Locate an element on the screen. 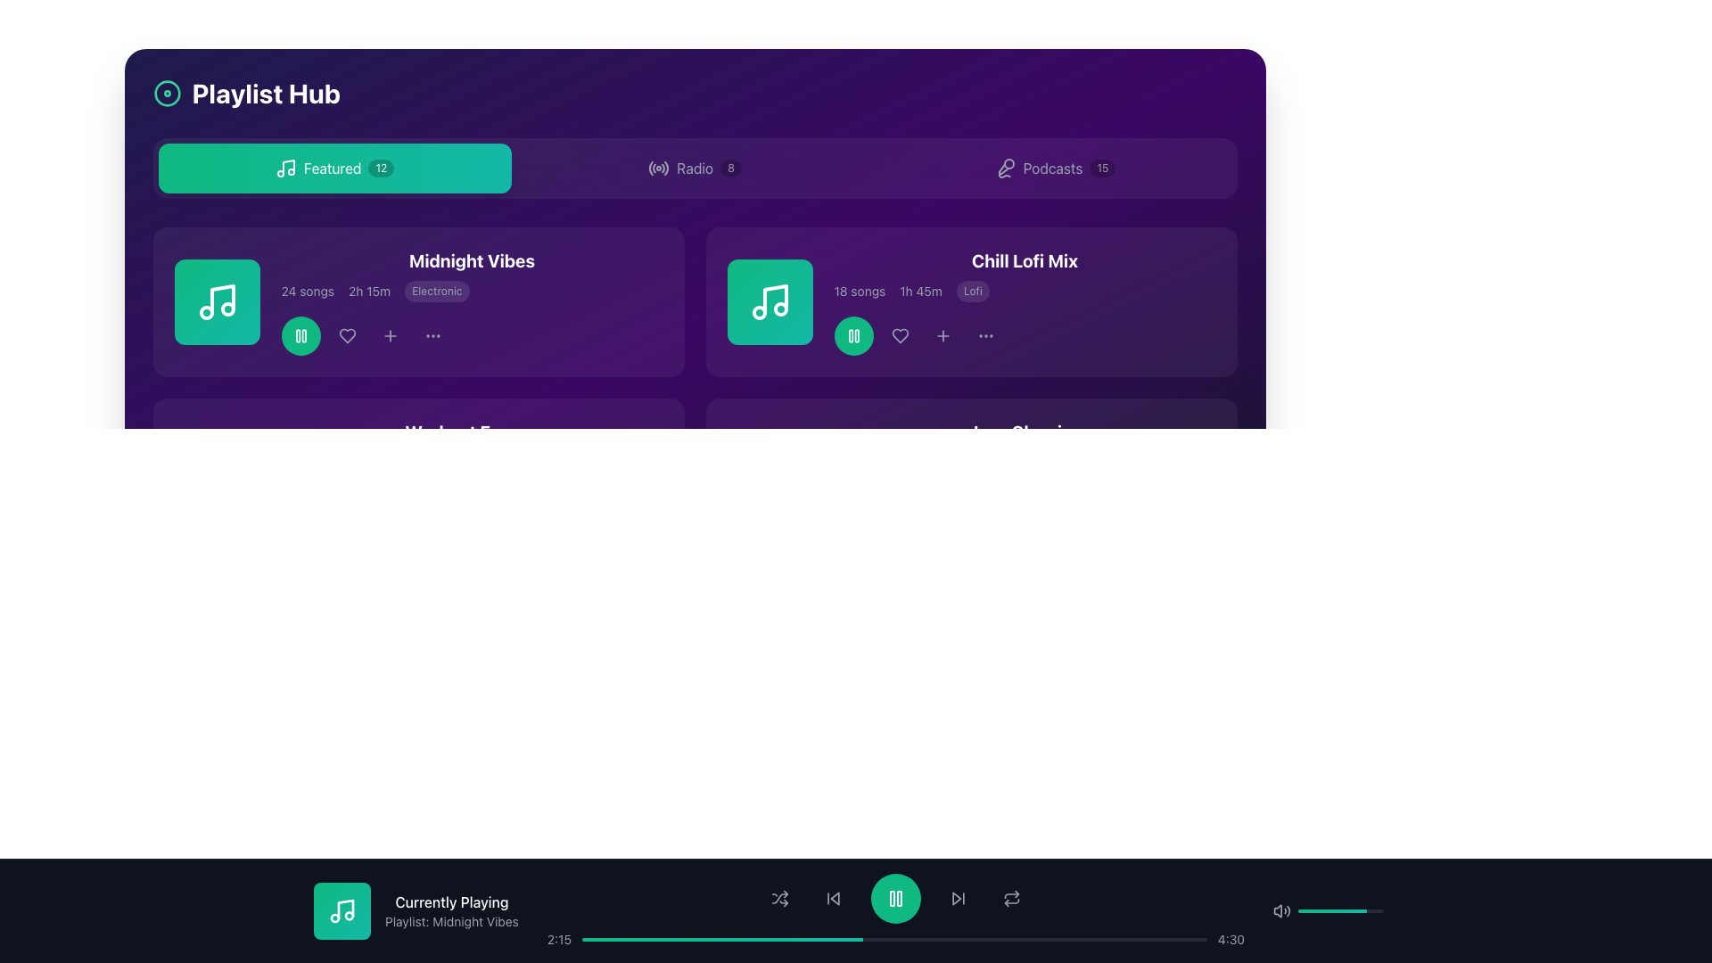 The image size is (1712, 963). the progress bar located at the bottom of the interface to seek to a specific point in playback is located at coordinates (894, 938).